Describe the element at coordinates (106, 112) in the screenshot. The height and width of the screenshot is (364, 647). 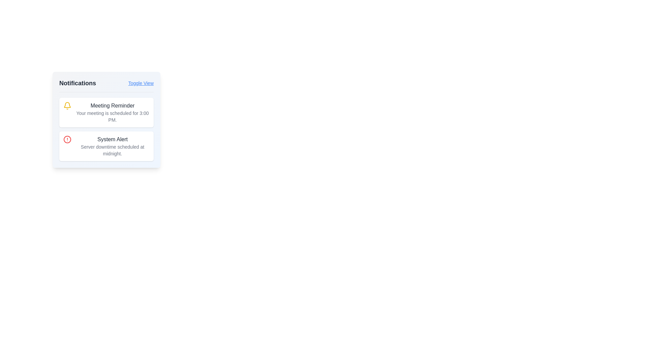
I see `message from the first notification card that reminds the user about a scheduled meeting at 3:00 PM, located in the notifications section above the 'System Alert' card` at that location.